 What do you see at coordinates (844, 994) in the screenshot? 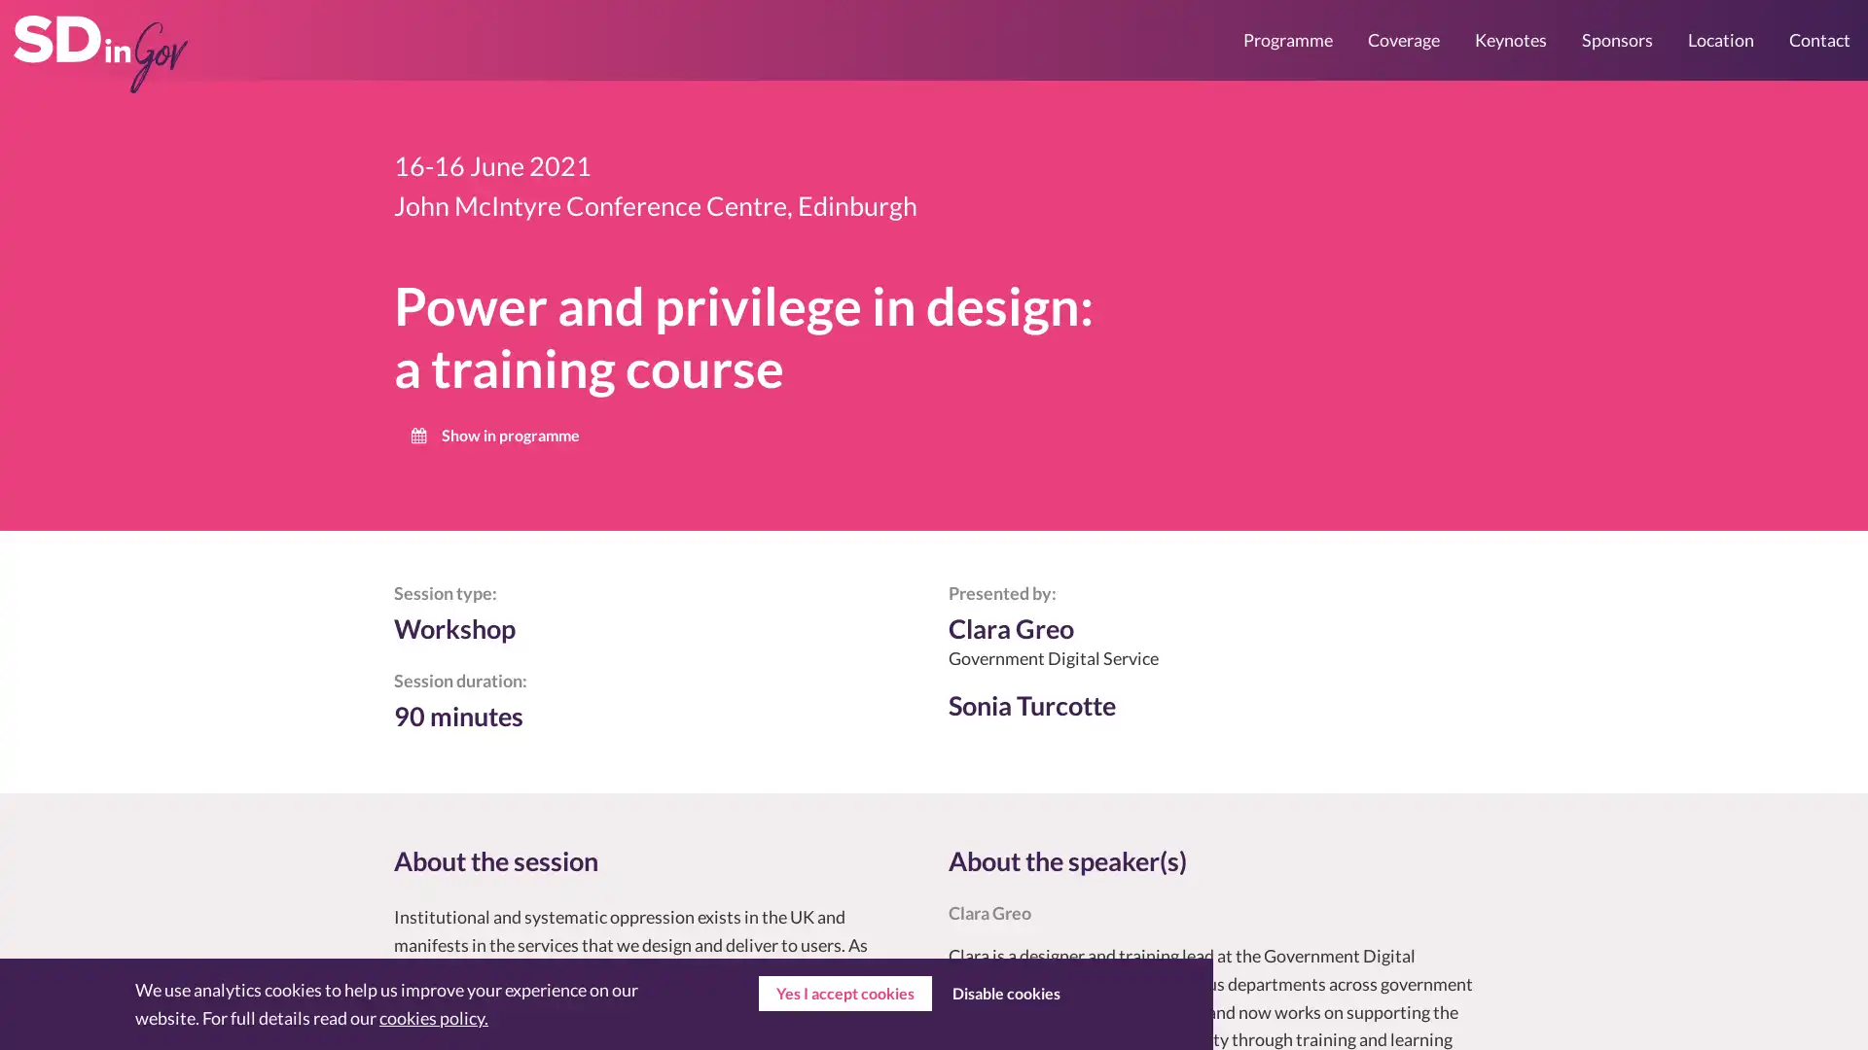
I see `Yes I accept cookies` at bounding box center [844, 994].